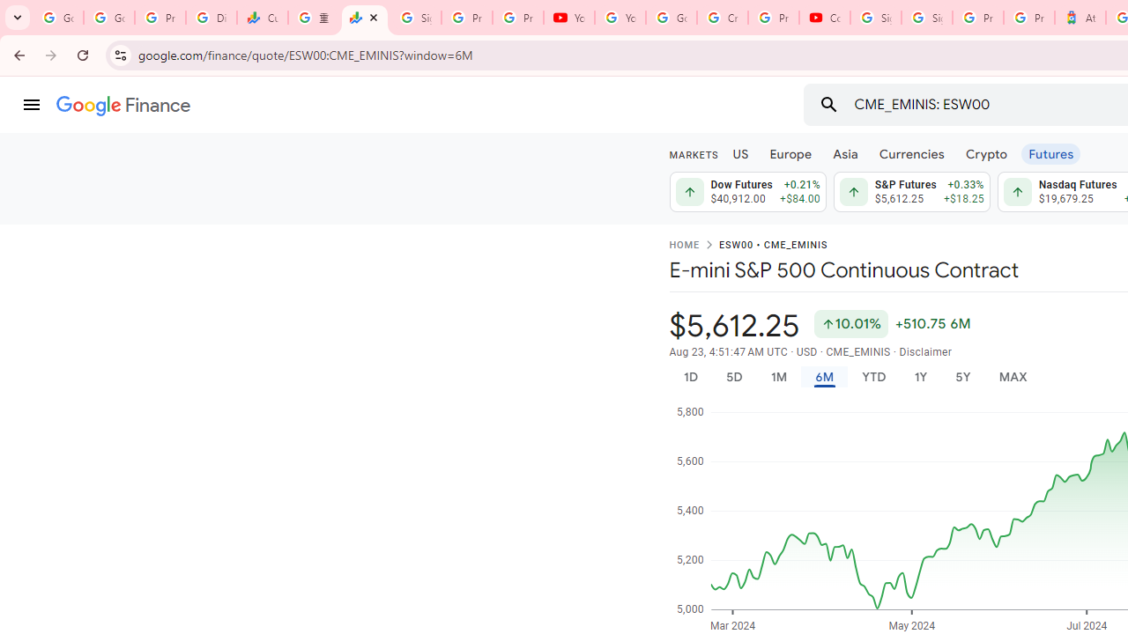  What do you see at coordinates (911, 152) in the screenshot?
I see `'Currencies'` at bounding box center [911, 152].